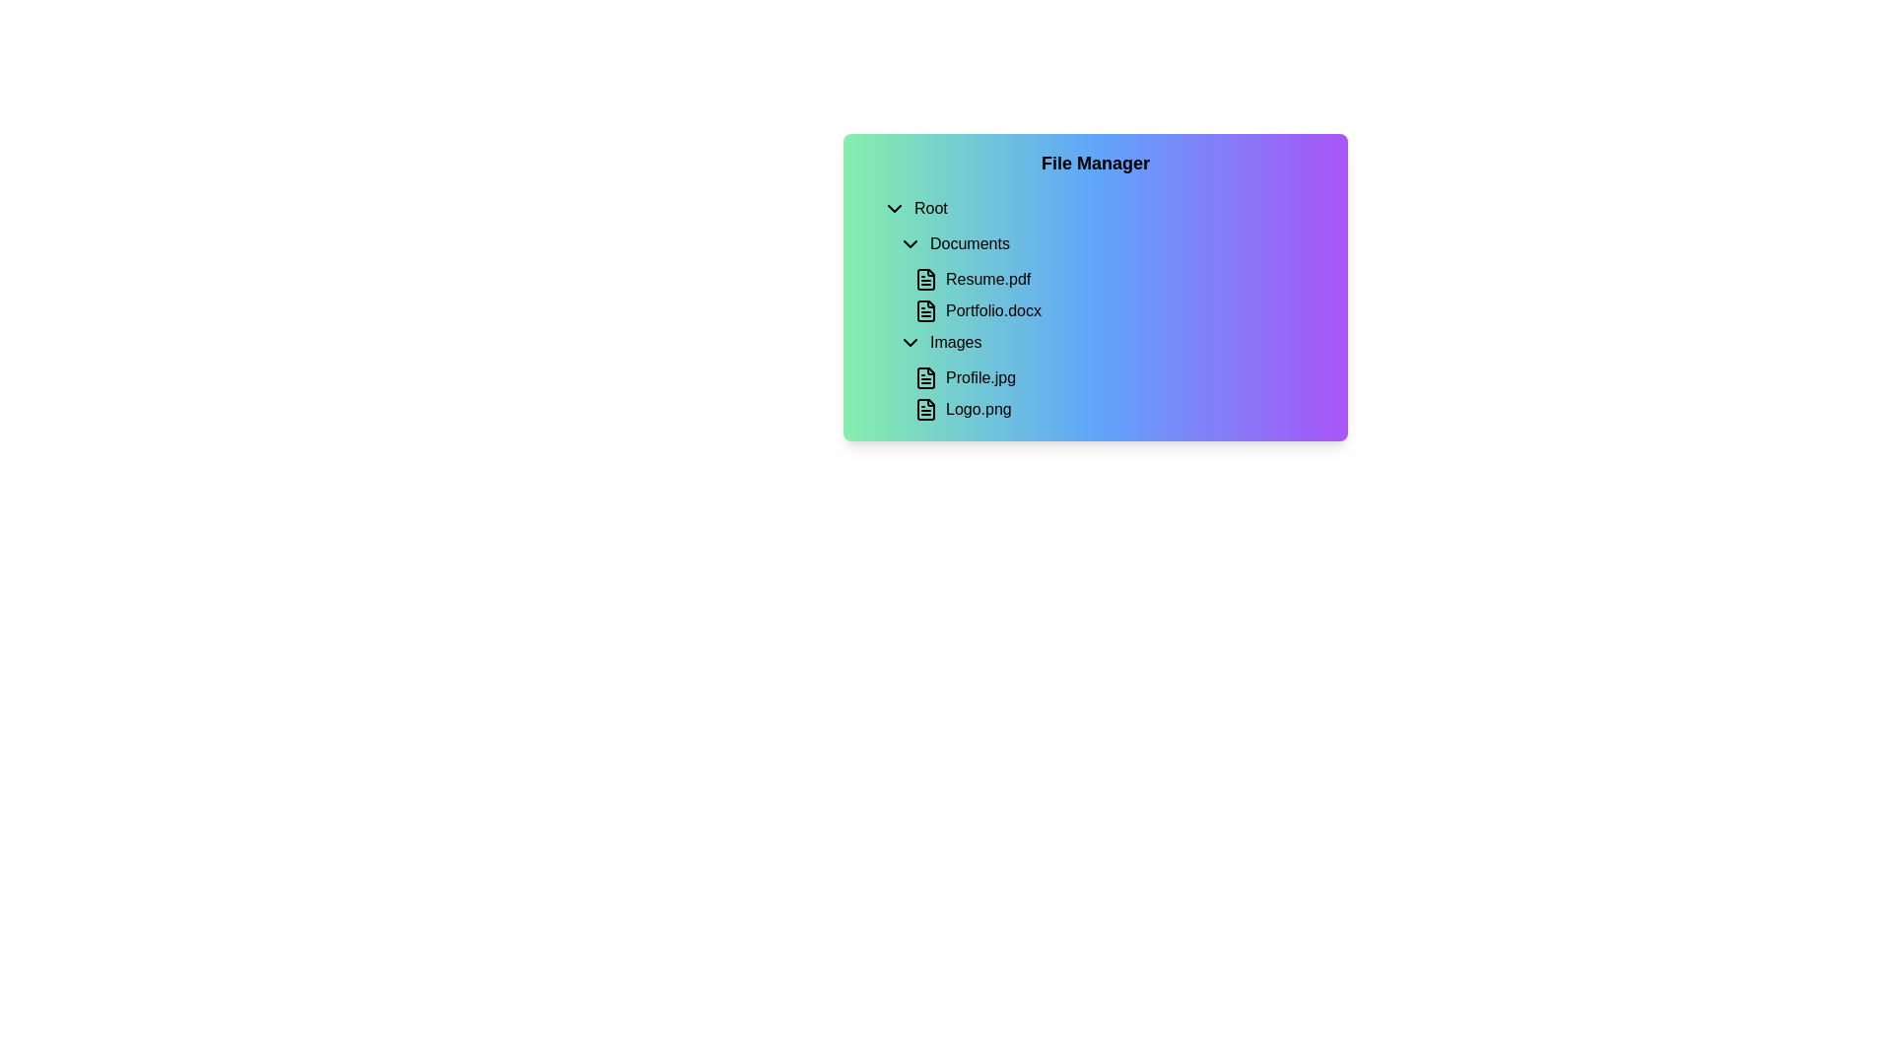 Image resolution: width=1892 pixels, height=1064 pixels. What do you see at coordinates (925, 378) in the screenshot?
I see `the File Icon representing 'Profile.jpg'` at bounding box center [925, 378].